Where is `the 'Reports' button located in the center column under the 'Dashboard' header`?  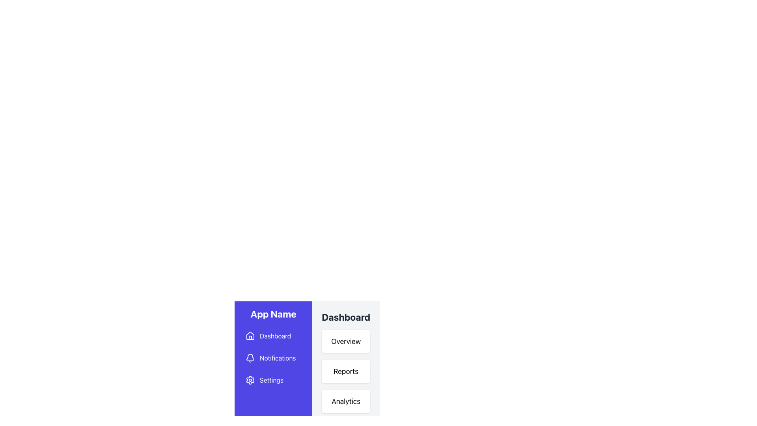 the 'Reports' button located in the center column under the 'Dashboard' header is located at coordinates (346, 371).